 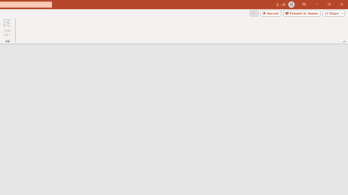 What do you see at coordinates (253, 13) in the screenshot?
I see `'Comments'` at bounding box center [253, 13].